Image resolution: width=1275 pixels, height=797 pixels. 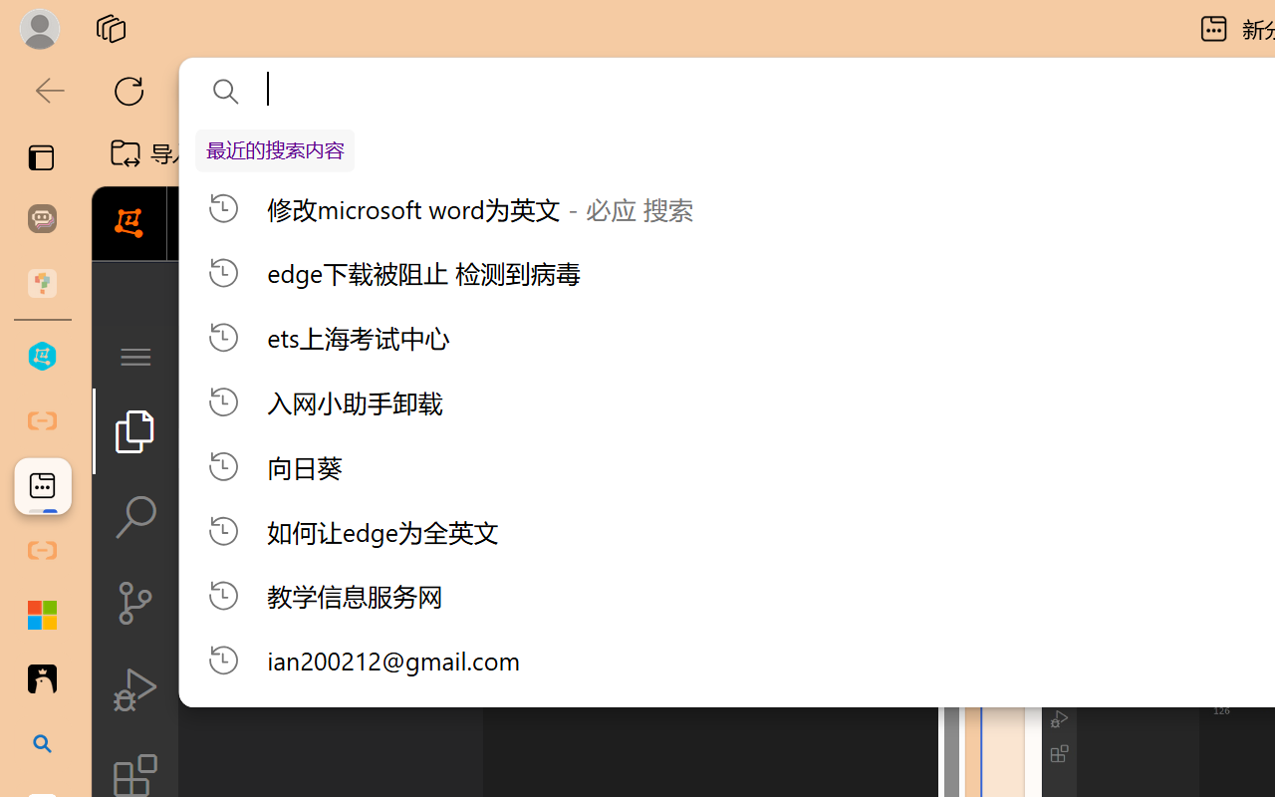 What do you see at coordinates (330, 407) in the screenshot?
I see `'Explorer Section: wangyian'` at bounding box center [330, 407].